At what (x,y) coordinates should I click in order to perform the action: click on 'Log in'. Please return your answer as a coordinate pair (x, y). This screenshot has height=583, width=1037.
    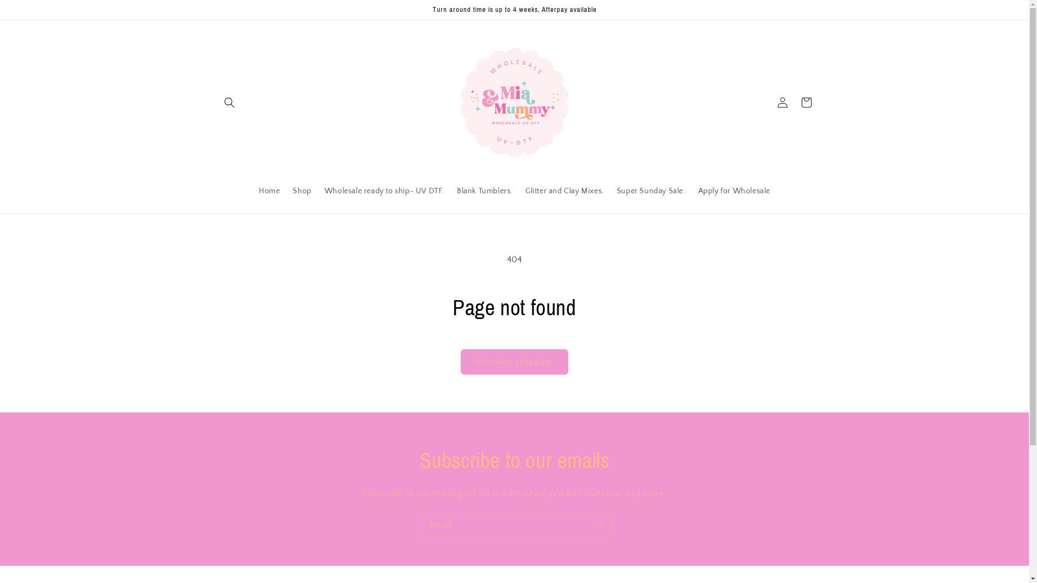
    Looking at the image, I should click on (782, 102).